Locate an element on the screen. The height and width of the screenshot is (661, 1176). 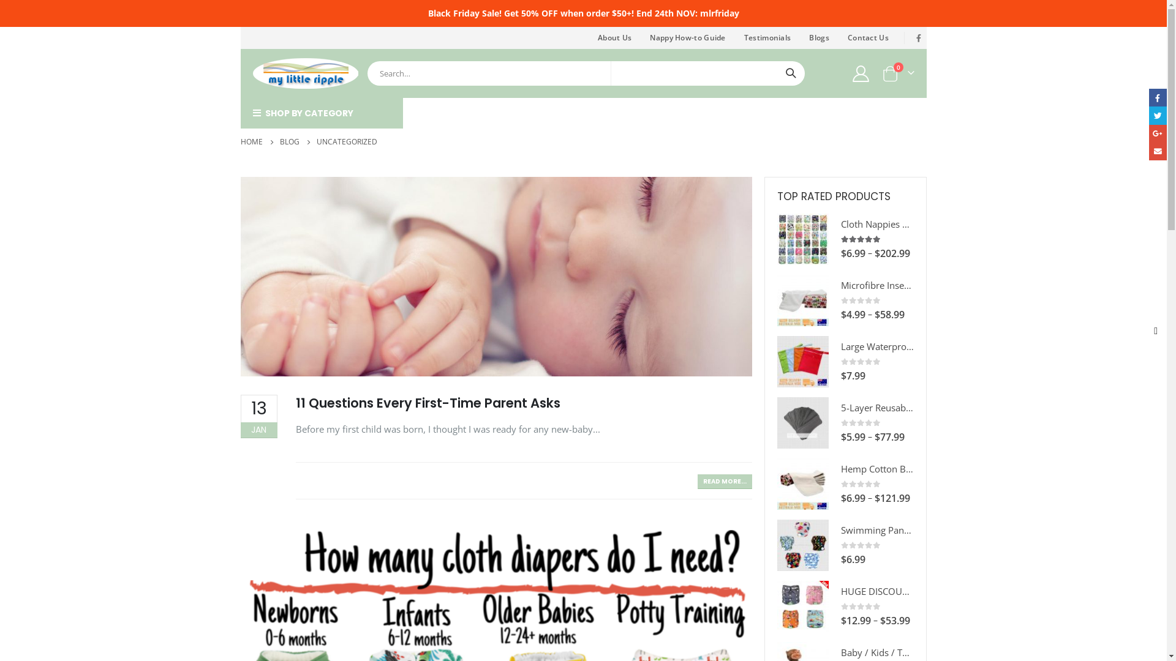
'HUGE DISCOUNT Smaller Size Baby Cloth Nappy Shells Covers' is located at coordinates (876, 591).